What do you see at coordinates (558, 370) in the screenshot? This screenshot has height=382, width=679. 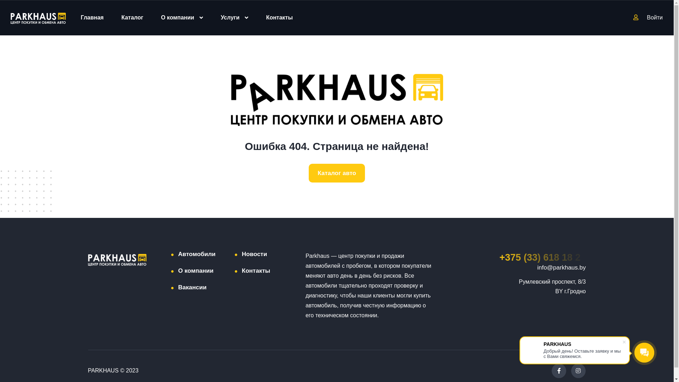 I see `'Facebook'` at bounding box center [558, 370].